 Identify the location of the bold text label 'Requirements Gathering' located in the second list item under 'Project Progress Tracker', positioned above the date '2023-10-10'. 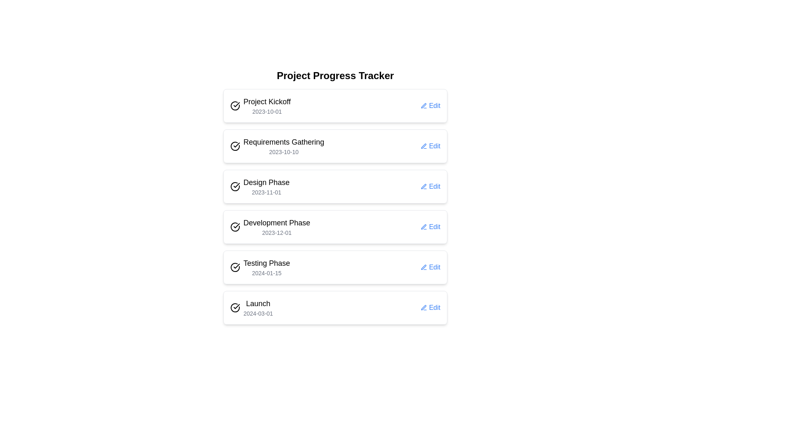
(284, 141).